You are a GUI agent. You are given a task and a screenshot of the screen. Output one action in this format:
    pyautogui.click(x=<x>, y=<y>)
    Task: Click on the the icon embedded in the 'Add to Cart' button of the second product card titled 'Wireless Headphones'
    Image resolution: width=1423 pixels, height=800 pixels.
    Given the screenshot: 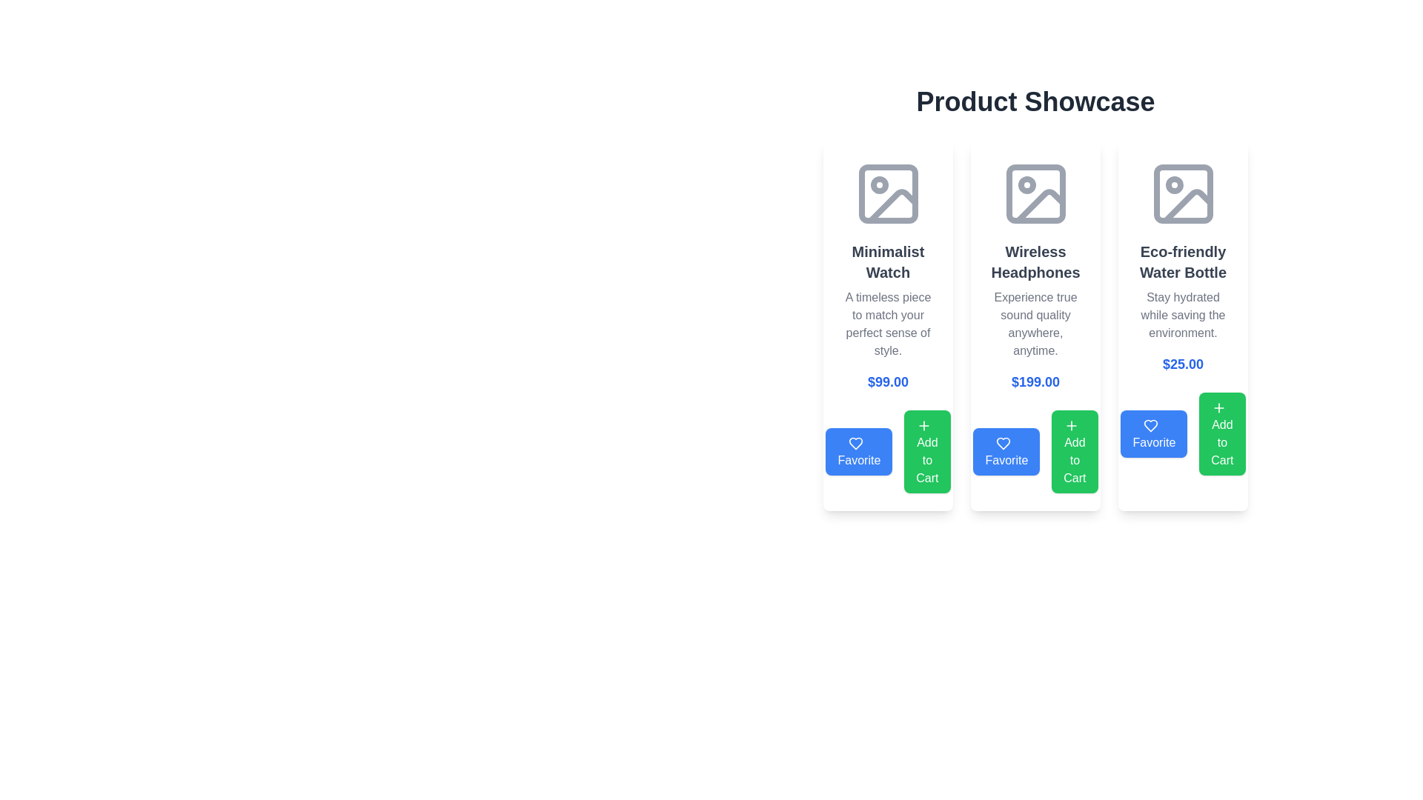 What is the action you would take?
    pyautogui.click(x=1072, y=425)
    